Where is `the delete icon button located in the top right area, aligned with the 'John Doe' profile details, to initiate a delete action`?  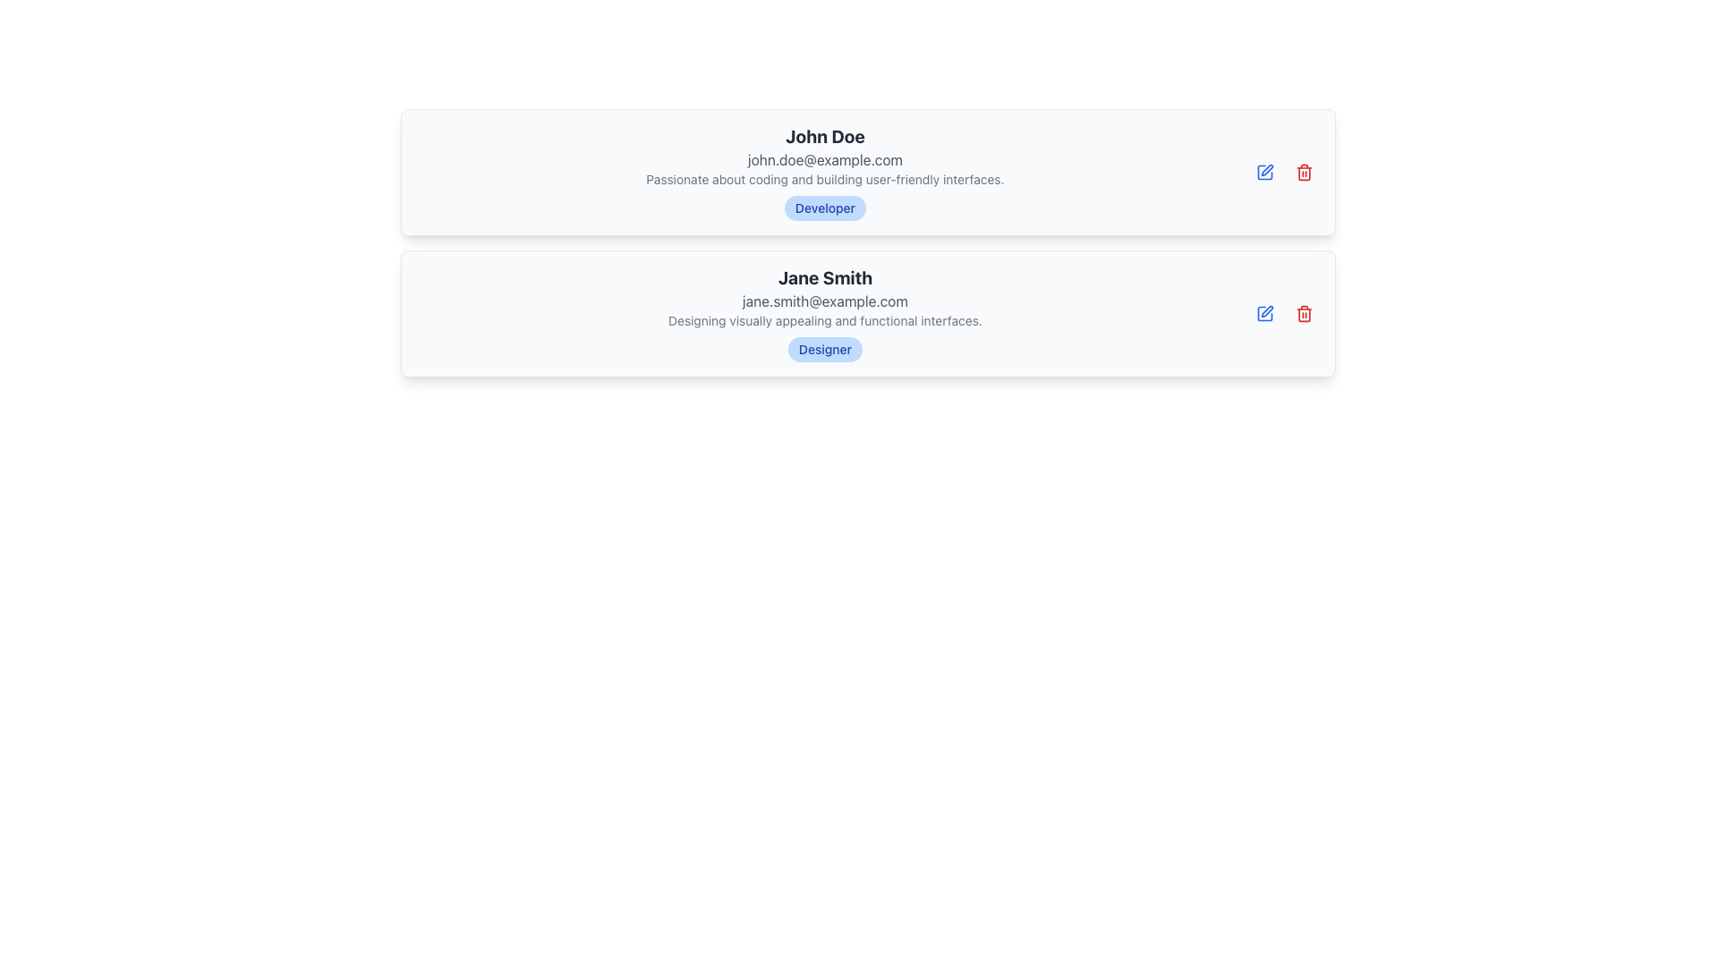
the delete icon button located in the top right area, aligned with the 'John Doe' profile details, to initiate a delete action is located at coordinates (1305, 172).